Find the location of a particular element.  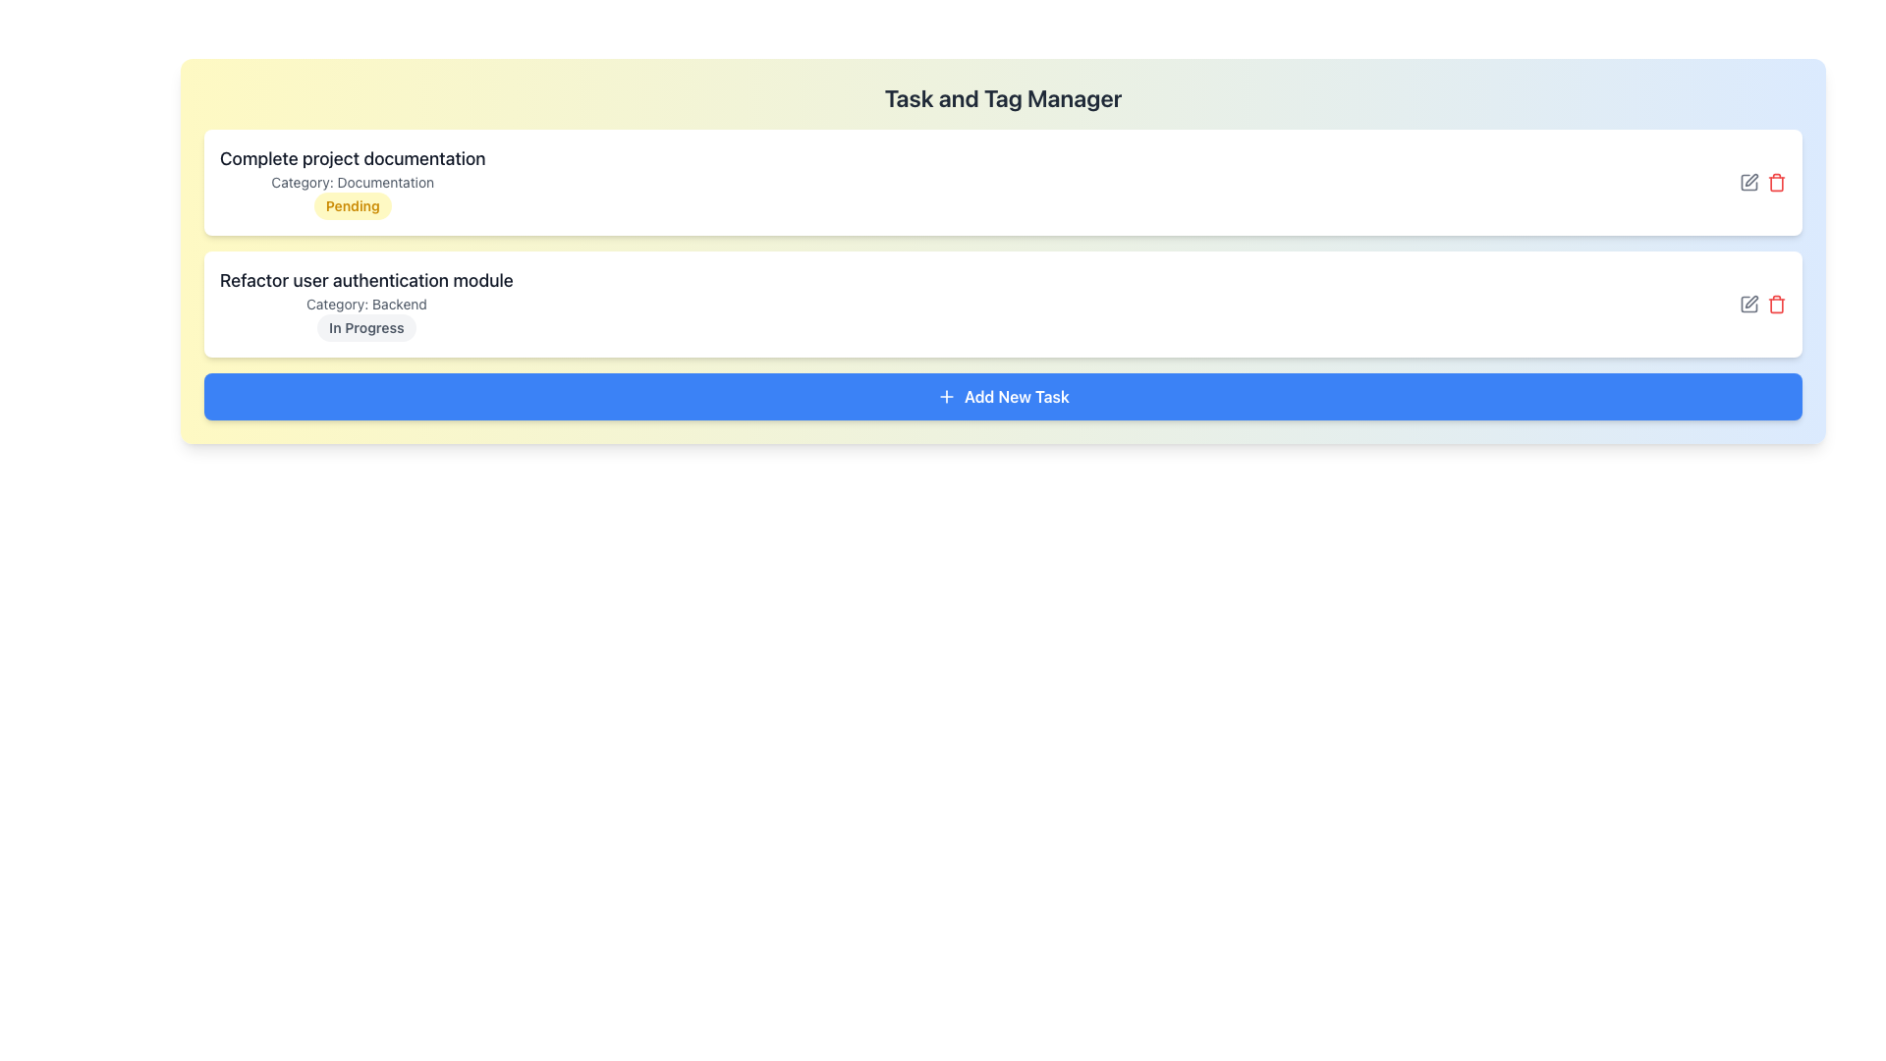

the red trash bin icon located to the far right of the second task in the list to observe the color change effect is located at coordinates (1777, 304).